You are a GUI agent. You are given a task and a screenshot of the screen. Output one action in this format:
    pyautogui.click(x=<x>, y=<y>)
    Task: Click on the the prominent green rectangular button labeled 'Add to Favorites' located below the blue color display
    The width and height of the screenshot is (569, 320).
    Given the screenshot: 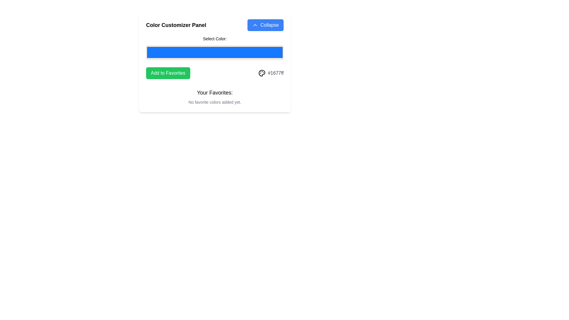 What is the action you would take?
    pyautogui.click(x=168, y=73)
    